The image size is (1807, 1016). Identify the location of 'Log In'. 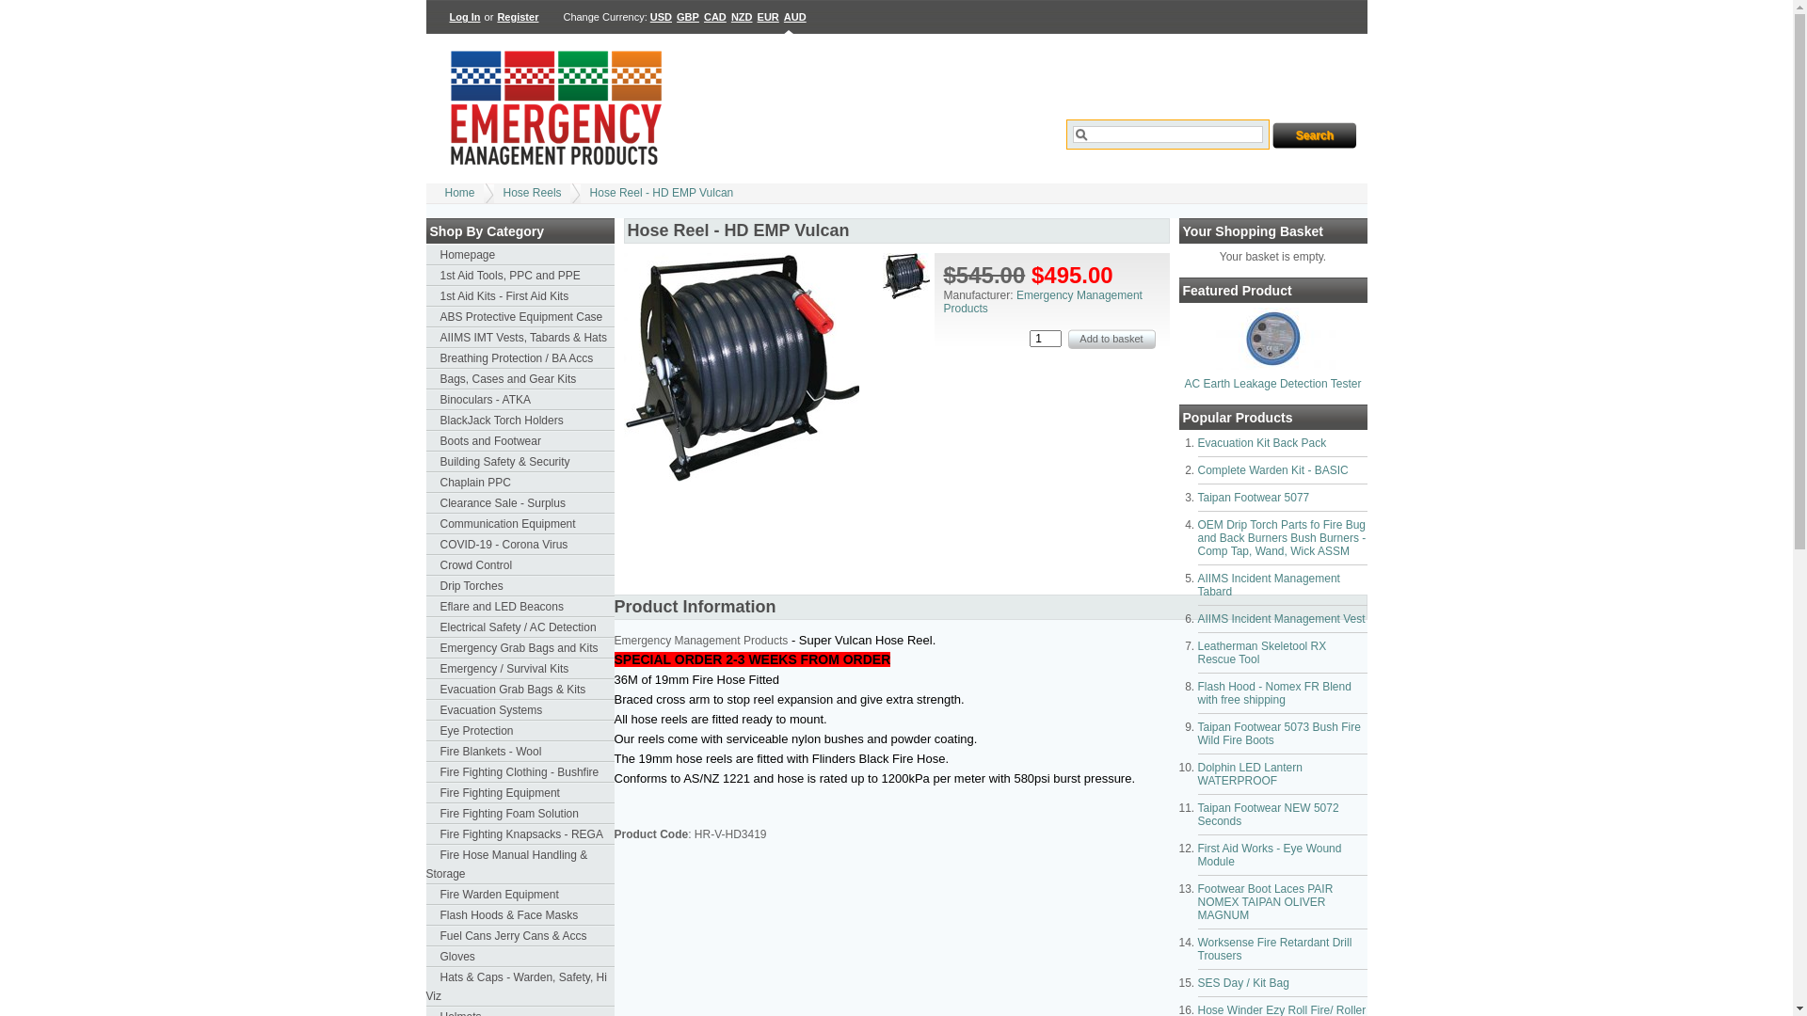
(465, 17).